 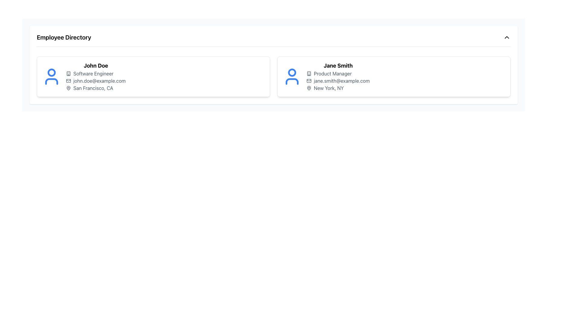 What do you see at coordinates (68, 73) in the screenshot?
I see `the building icon located to the left of the label 'Software Engineer' and close to the name 'John Doe'` at bounding box center [68, 73].